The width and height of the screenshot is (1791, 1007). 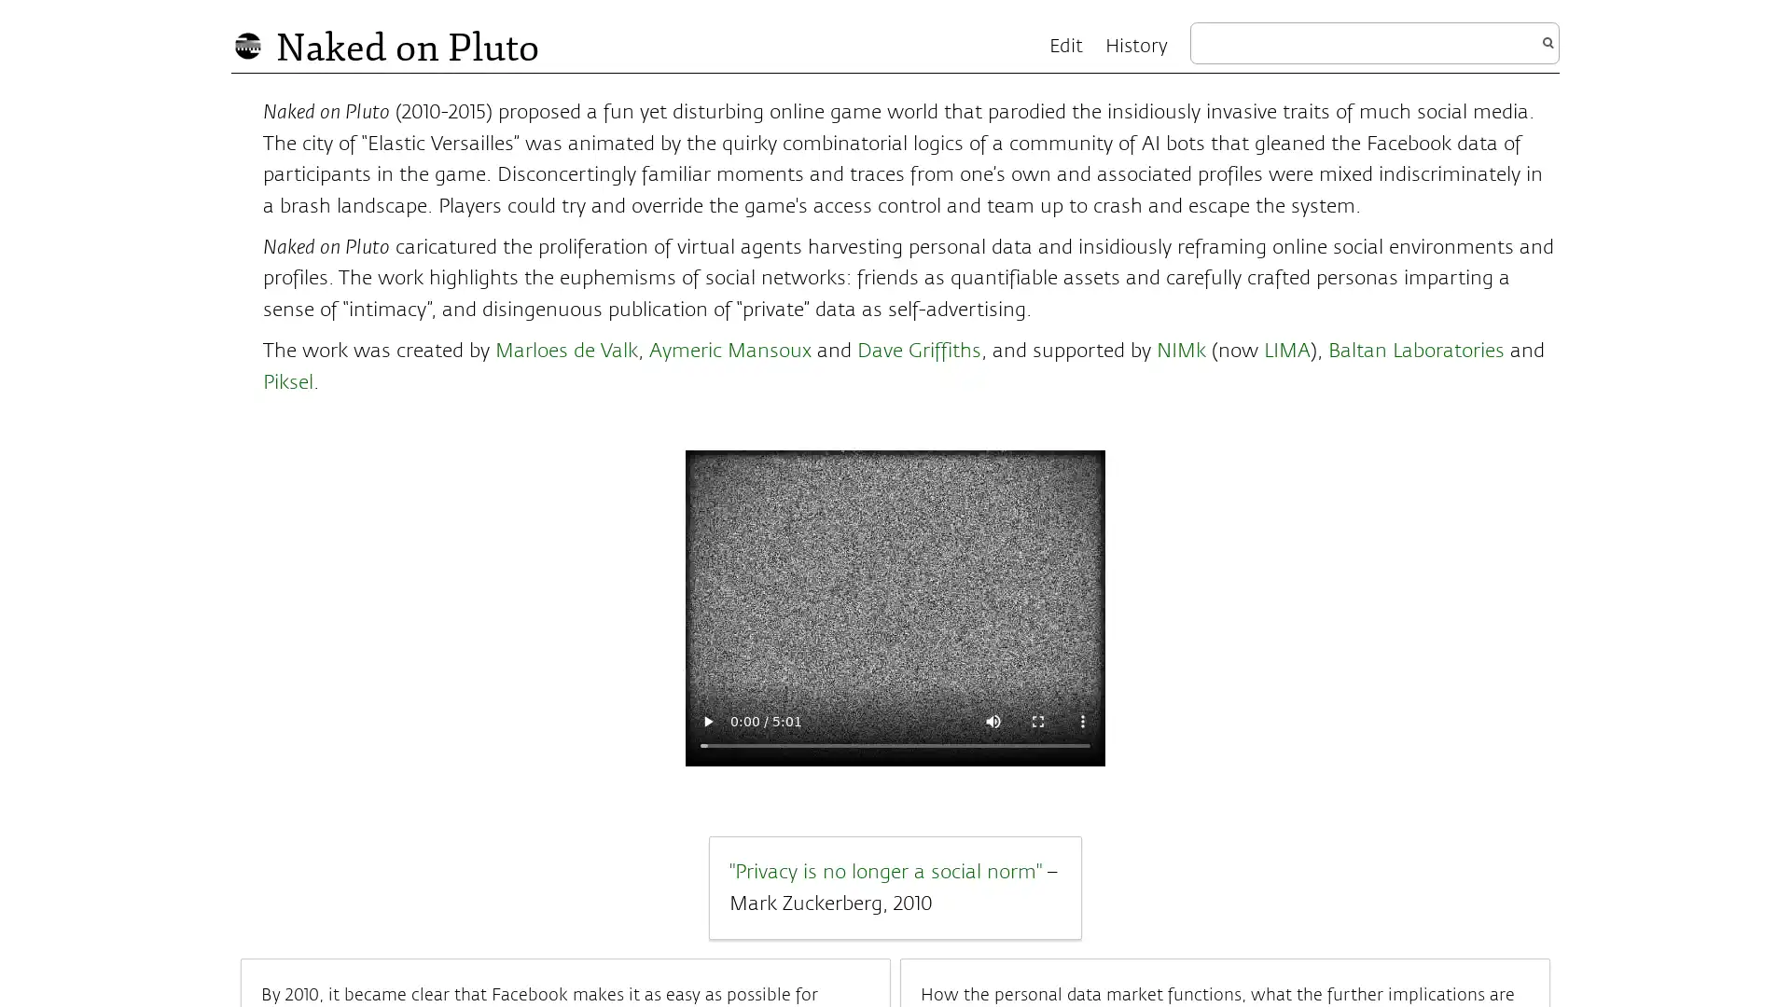 What do you see at coordinates (1083, 719) in the screenshot?
I see `show more media controls` at bounding box center [1083, 719].